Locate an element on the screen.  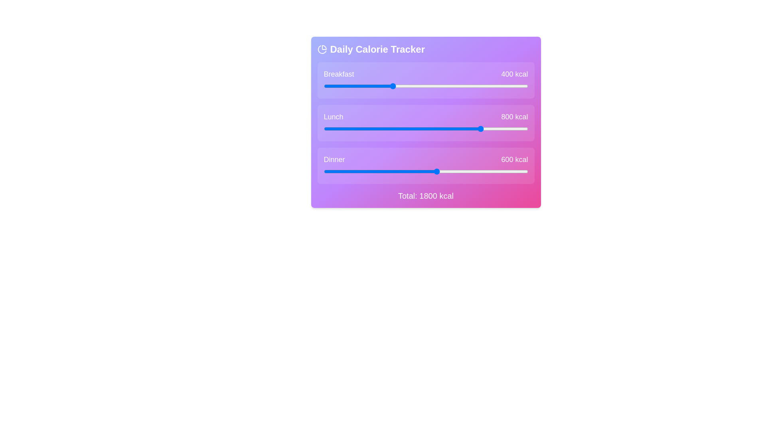
the calorie value for breakfast is located at coordinates (384, 86).